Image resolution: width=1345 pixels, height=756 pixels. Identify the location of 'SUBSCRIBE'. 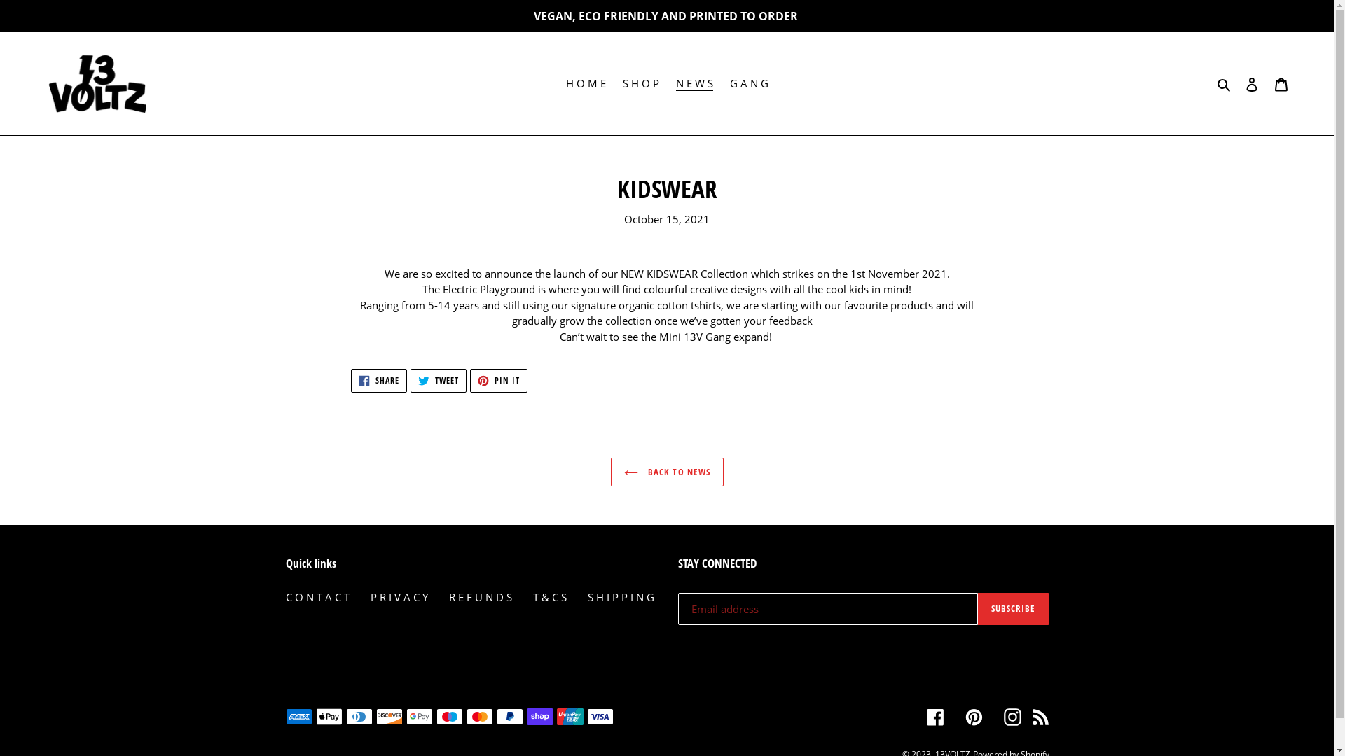
(1013, 608).